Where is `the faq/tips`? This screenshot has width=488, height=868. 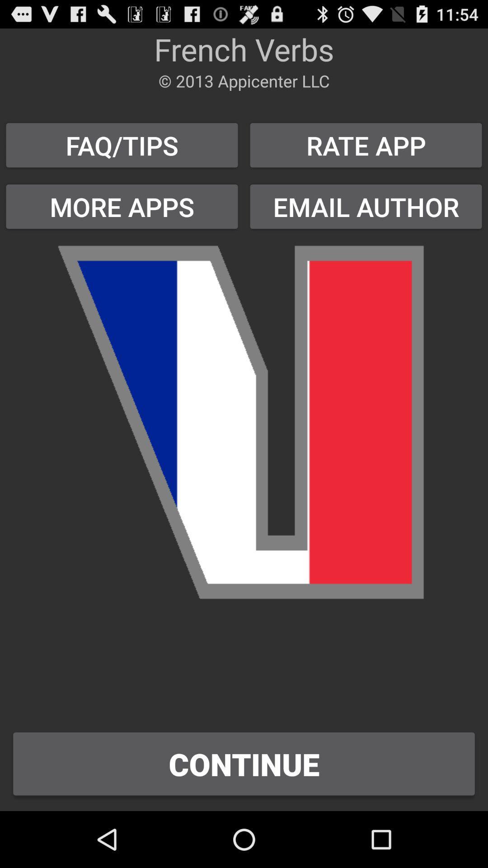 the faq/tips is located at coordinates (122, 145).